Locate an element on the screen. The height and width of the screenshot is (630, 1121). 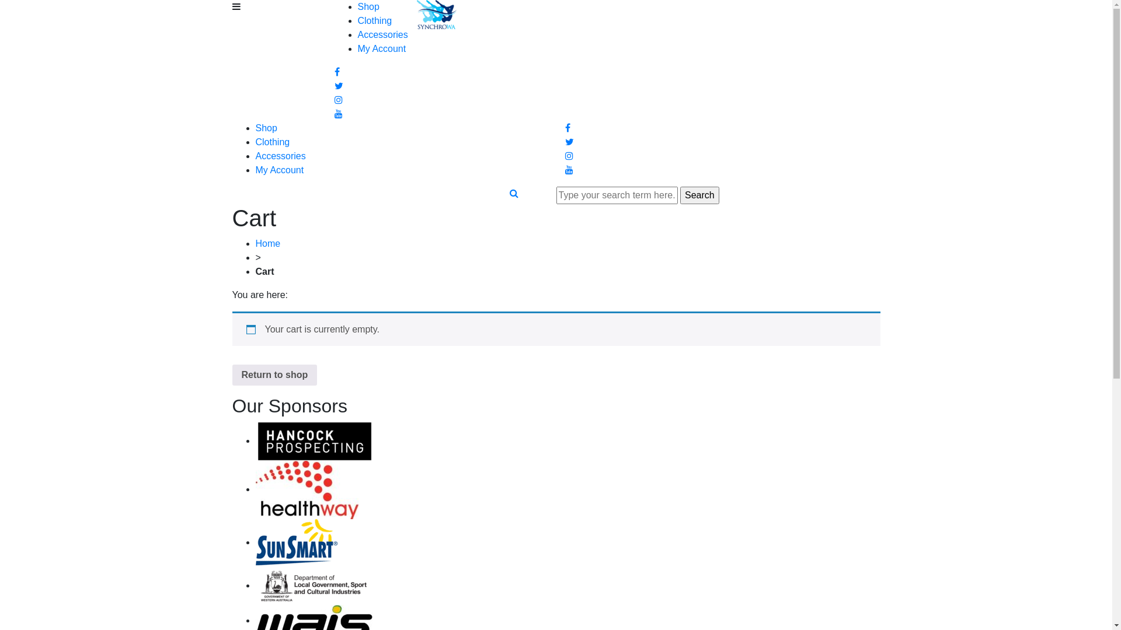
'Clothing' is located at coordinates (374, 20).